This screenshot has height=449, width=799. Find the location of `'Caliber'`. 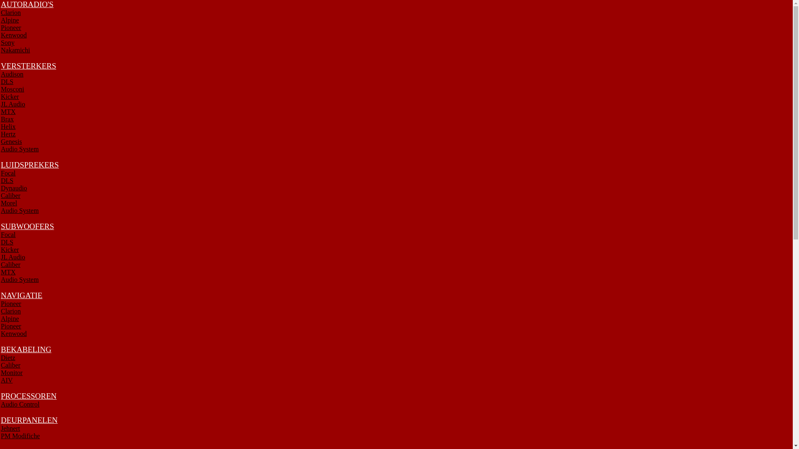

'Caliber' is located at coordinates (10, 264).